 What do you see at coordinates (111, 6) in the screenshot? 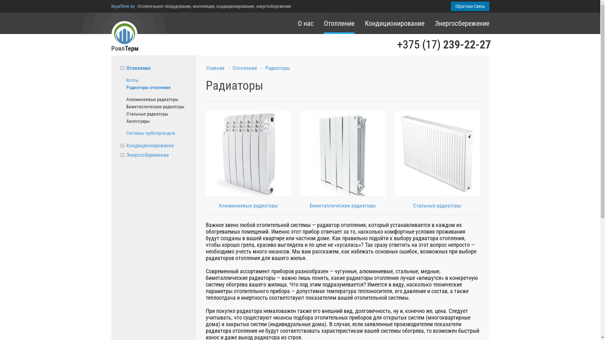
I see `'RoyalTerm.by'` at bounding box center [111, 6].